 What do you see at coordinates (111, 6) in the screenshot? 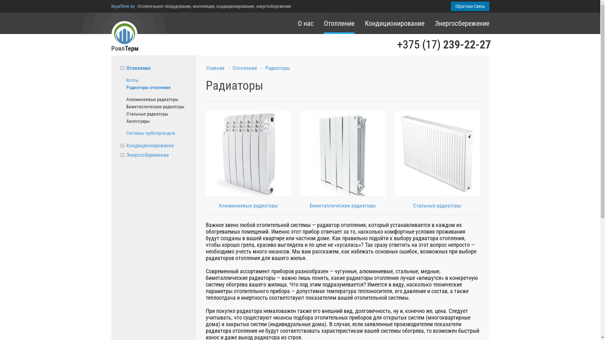
I see `'RoyalTerm.by'` at bounding box center [111, 6].